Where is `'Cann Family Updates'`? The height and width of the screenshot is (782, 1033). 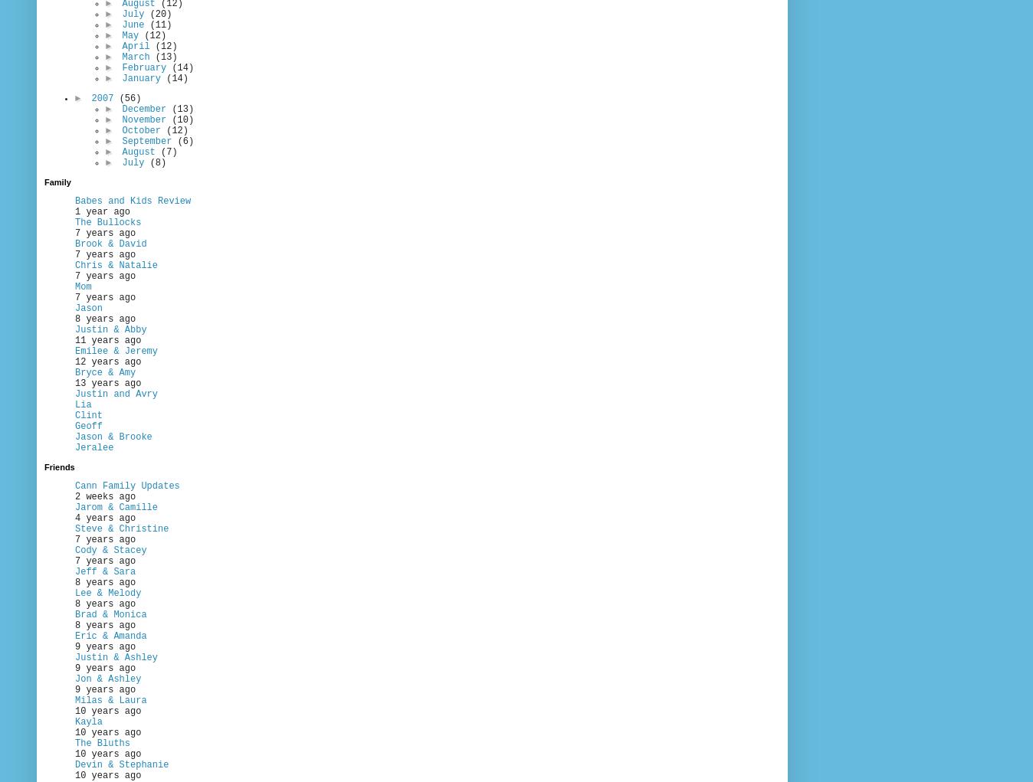 'Cann Family Updates' is located at coordinates (126, 485).